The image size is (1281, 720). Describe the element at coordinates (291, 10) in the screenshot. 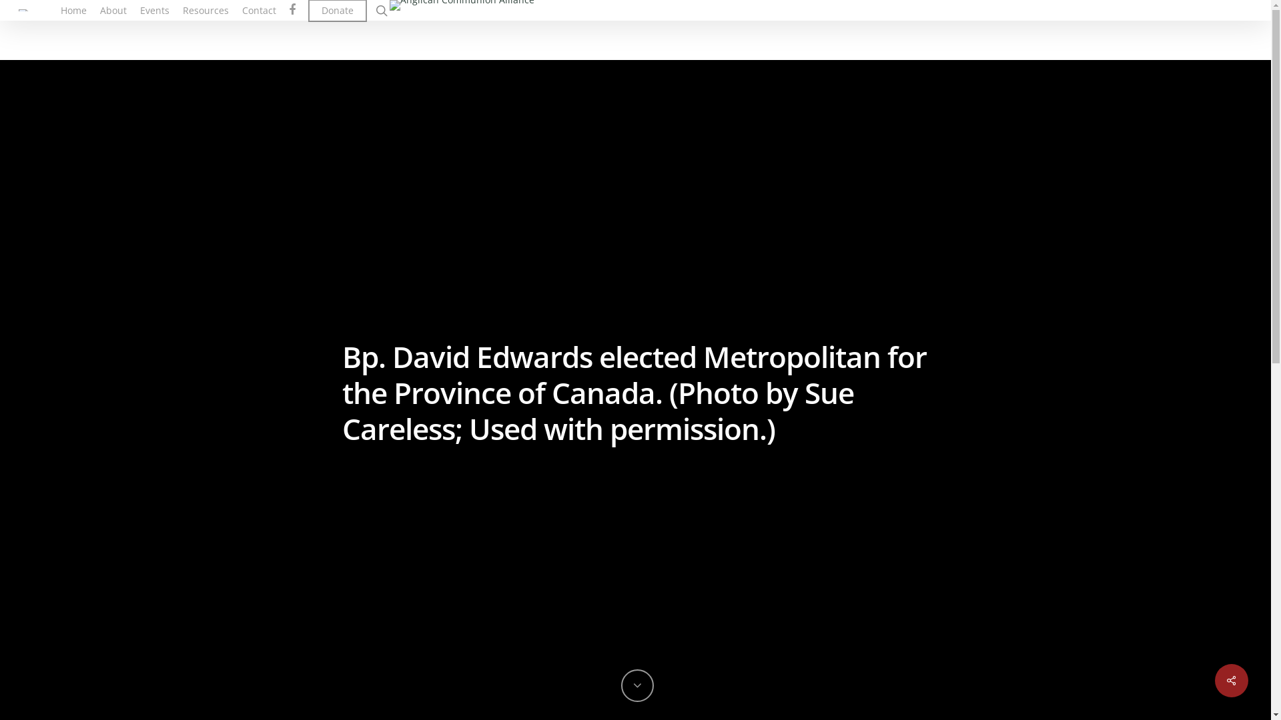

I see `'facebook'` at that location.